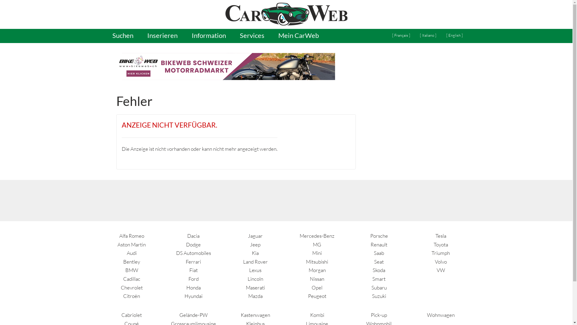 This screenshot has height=325, width=577. What do you see at coordinates (193, 244) in the screenshot?
I see `'Dodge'` at bounding box center [193, 244].